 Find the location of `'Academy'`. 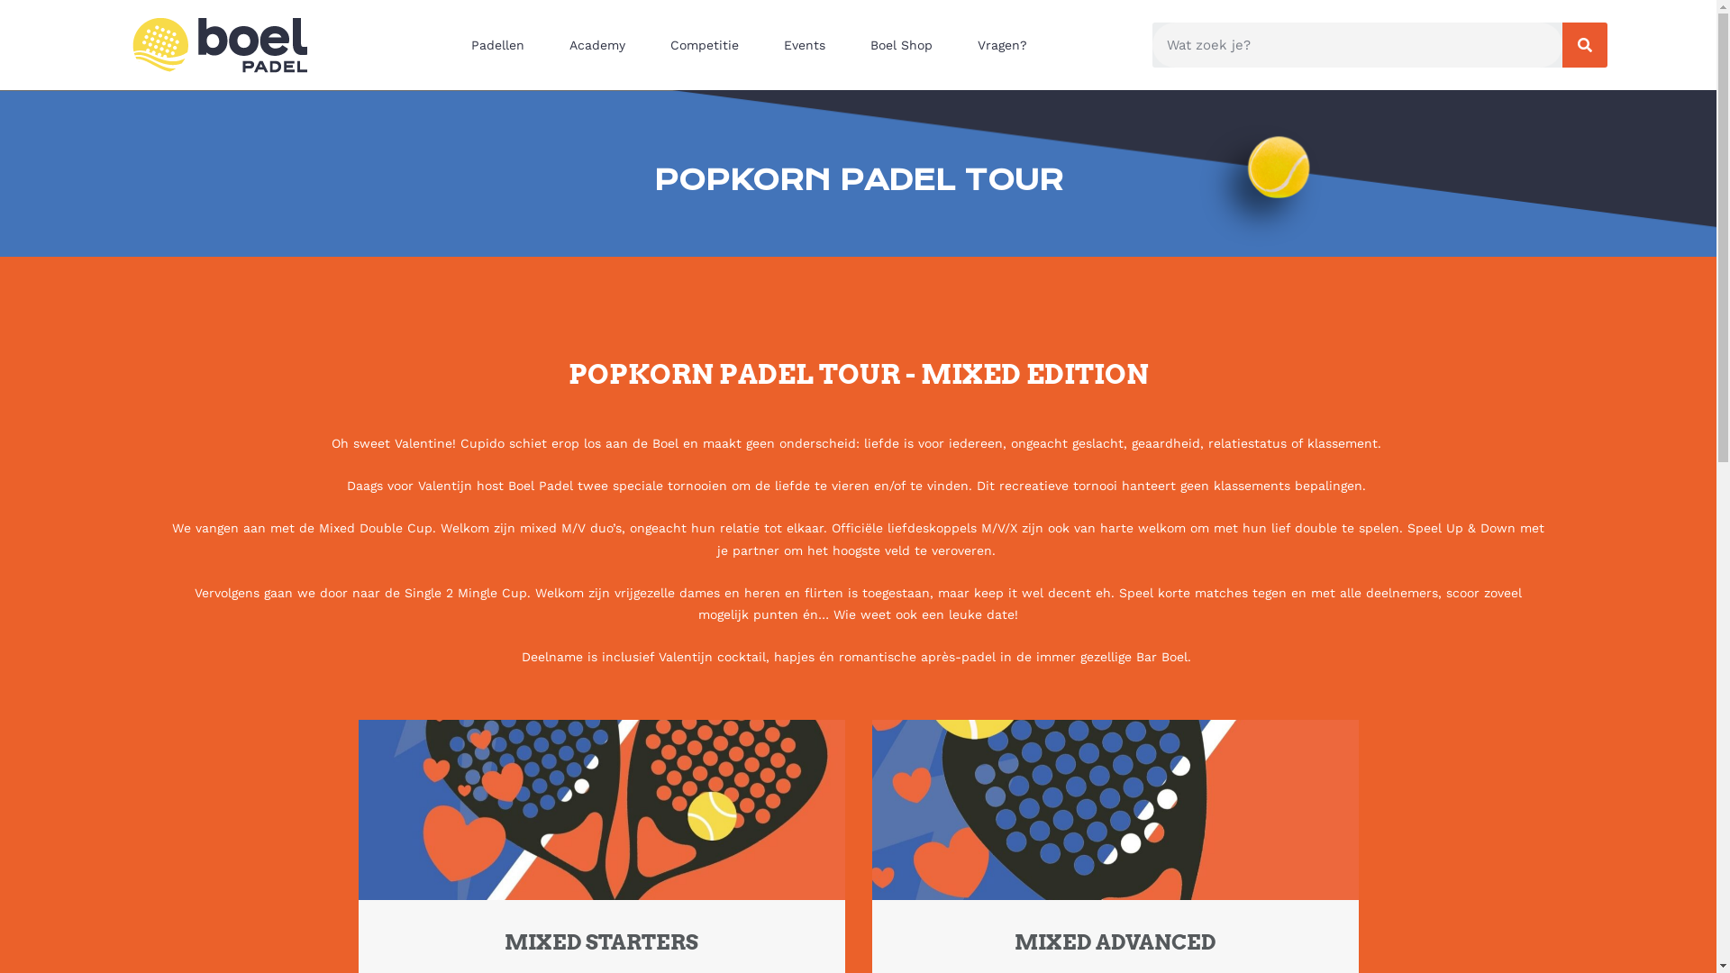

'Academy' is located at coordinates (601, 44).